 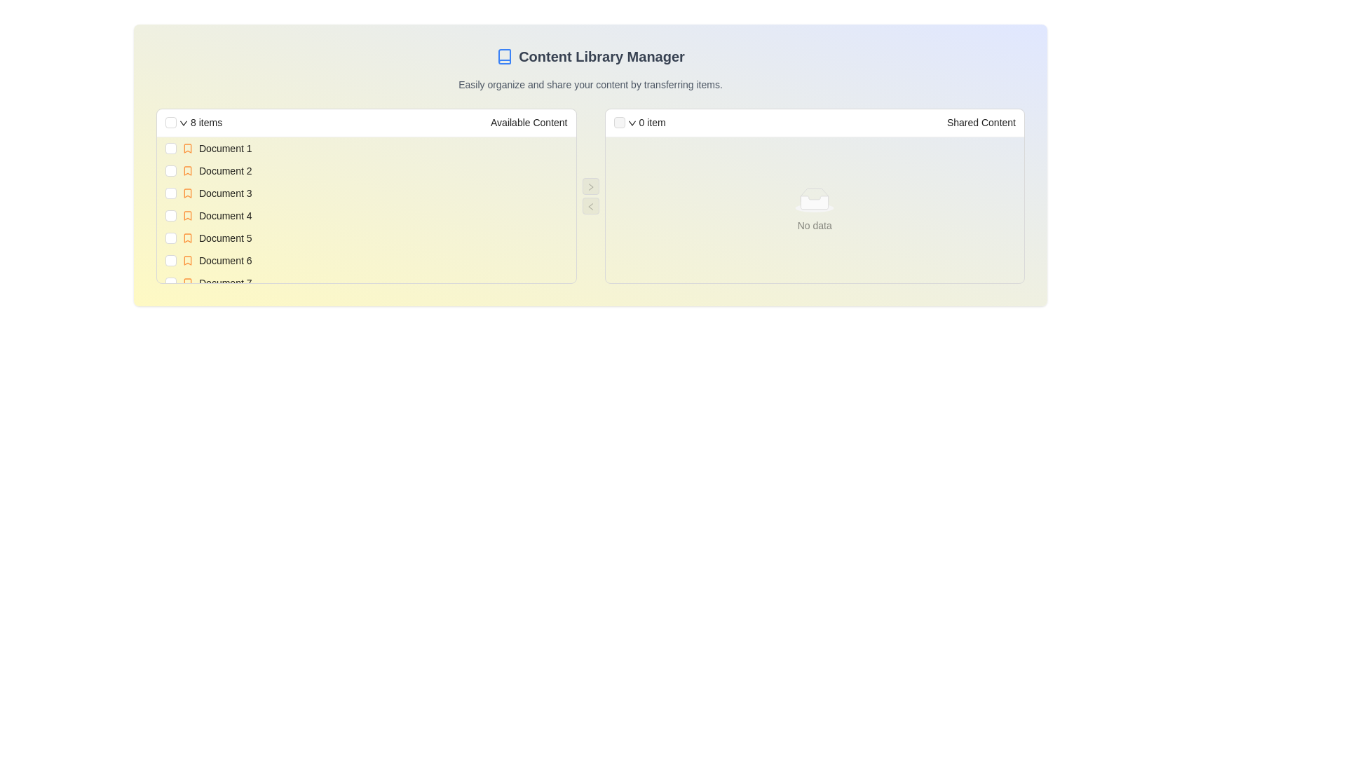 I want to click on the 'Document 4' item, which is the fourth selectable item in the 'Available Content' list, so click(x=374, y=216).